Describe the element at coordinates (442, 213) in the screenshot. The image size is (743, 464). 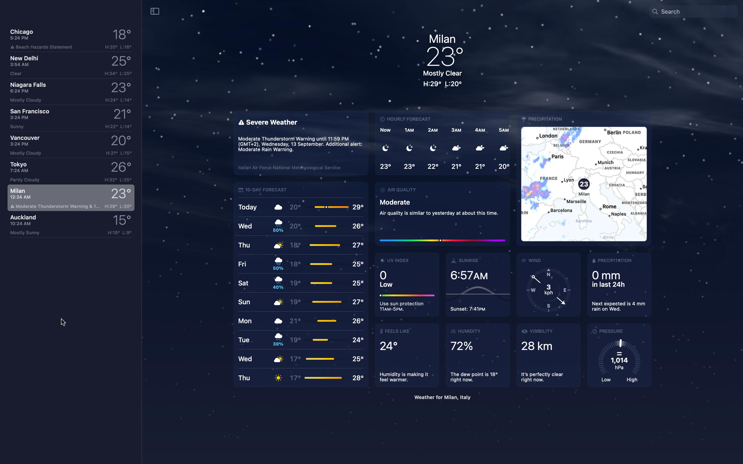
I see `Get more details of Milan"s air quality` at that location.